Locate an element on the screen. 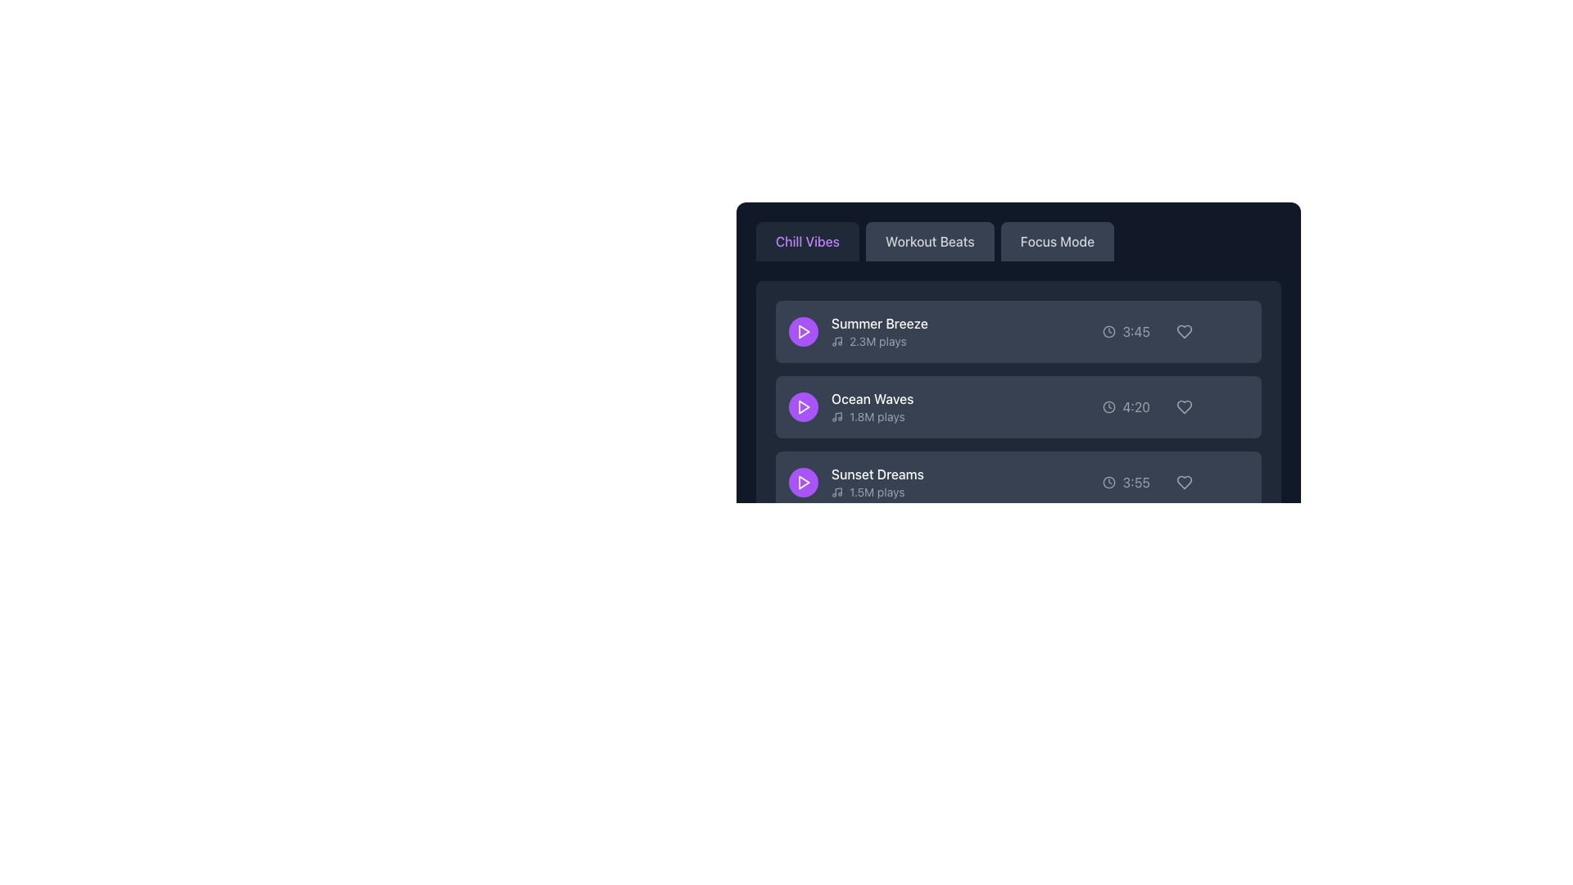 This screenshot has width=1573, height=885. the music icon that signifies the track 'Summer Breeze', located to the left of '2.3M plays' is located at coordinates (837, 340).